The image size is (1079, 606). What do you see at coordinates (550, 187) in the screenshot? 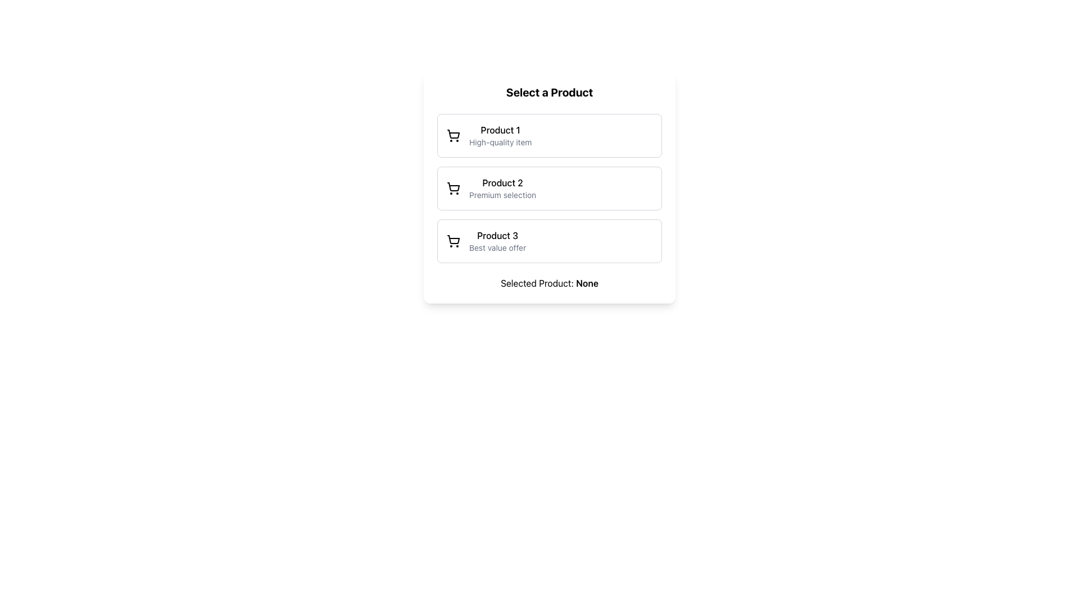
I see `the UI Card representing 'Product 2', which is the second item in a vertical list of product selection cards` at bounding box center [550, 187].